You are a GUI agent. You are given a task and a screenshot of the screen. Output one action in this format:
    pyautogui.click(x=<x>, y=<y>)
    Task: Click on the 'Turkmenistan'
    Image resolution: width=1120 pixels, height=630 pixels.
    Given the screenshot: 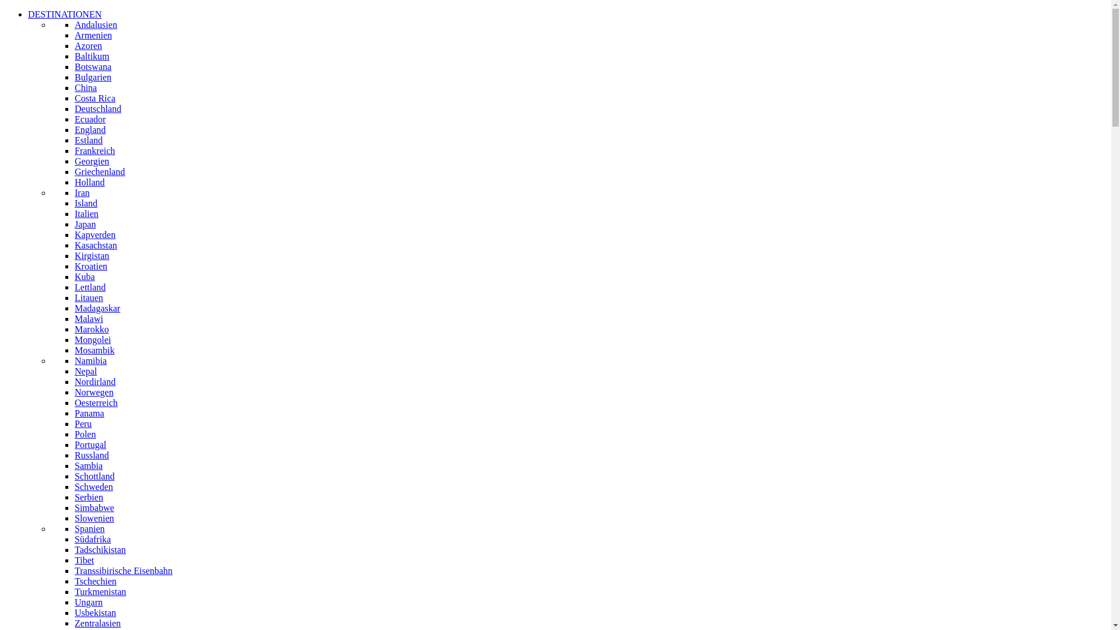 What is the action you would take?
    pyautogui.click(x=100, y=591)
    